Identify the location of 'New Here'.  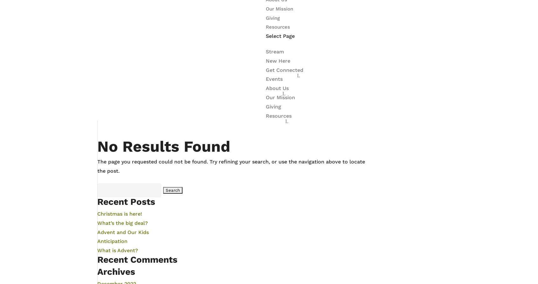
(278, 60).